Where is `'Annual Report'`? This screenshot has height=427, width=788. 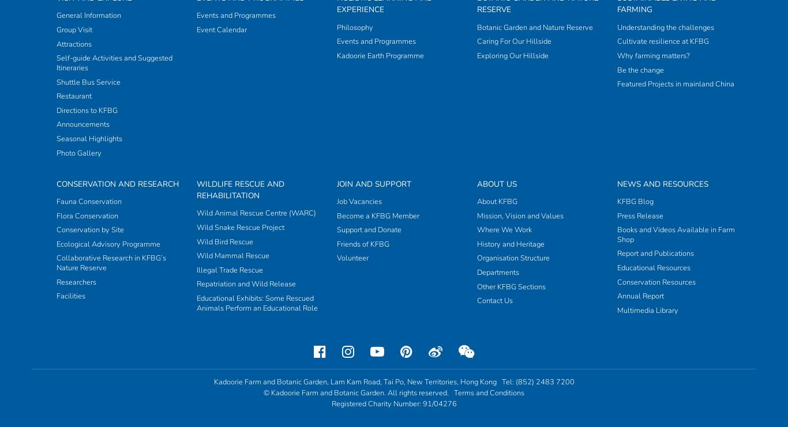
'Annual Report' is located at coordinates (640, 70).